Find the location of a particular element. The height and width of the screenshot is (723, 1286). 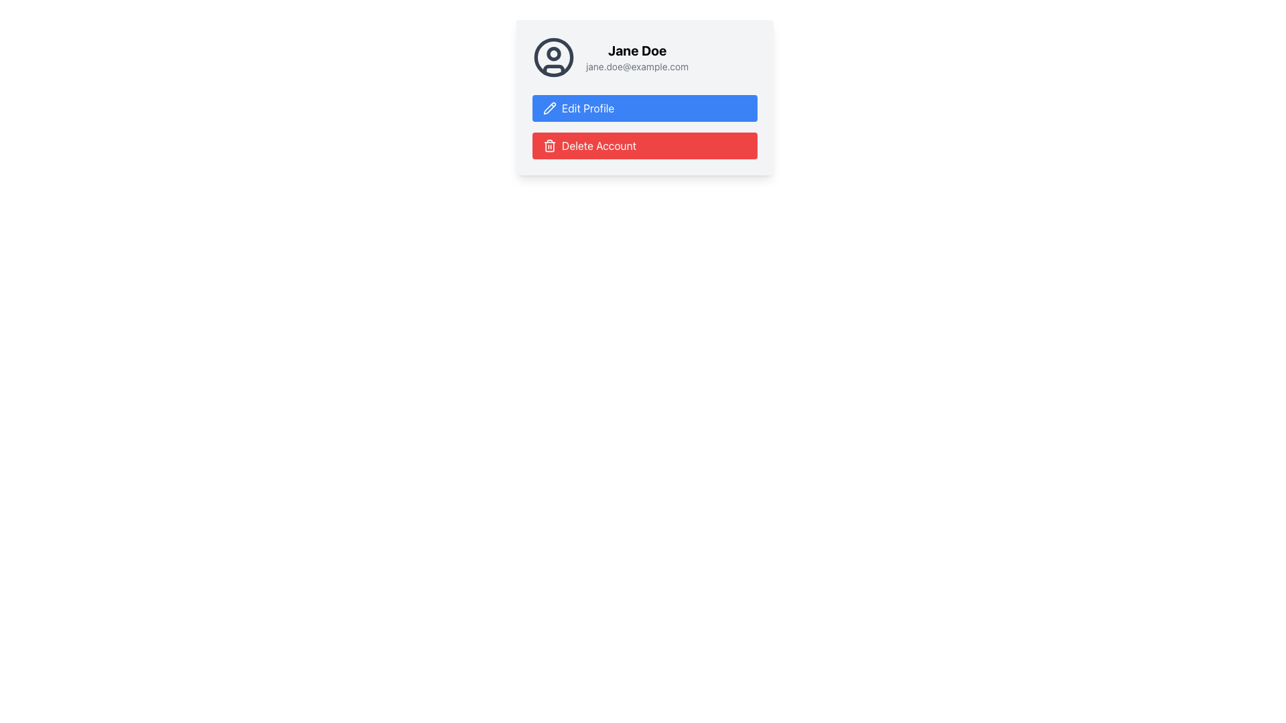

the Trash Can icon that symbolizes the 'Delete Account' button, located to the left of the button and near its vertical center is located at coordinates (549, 146).